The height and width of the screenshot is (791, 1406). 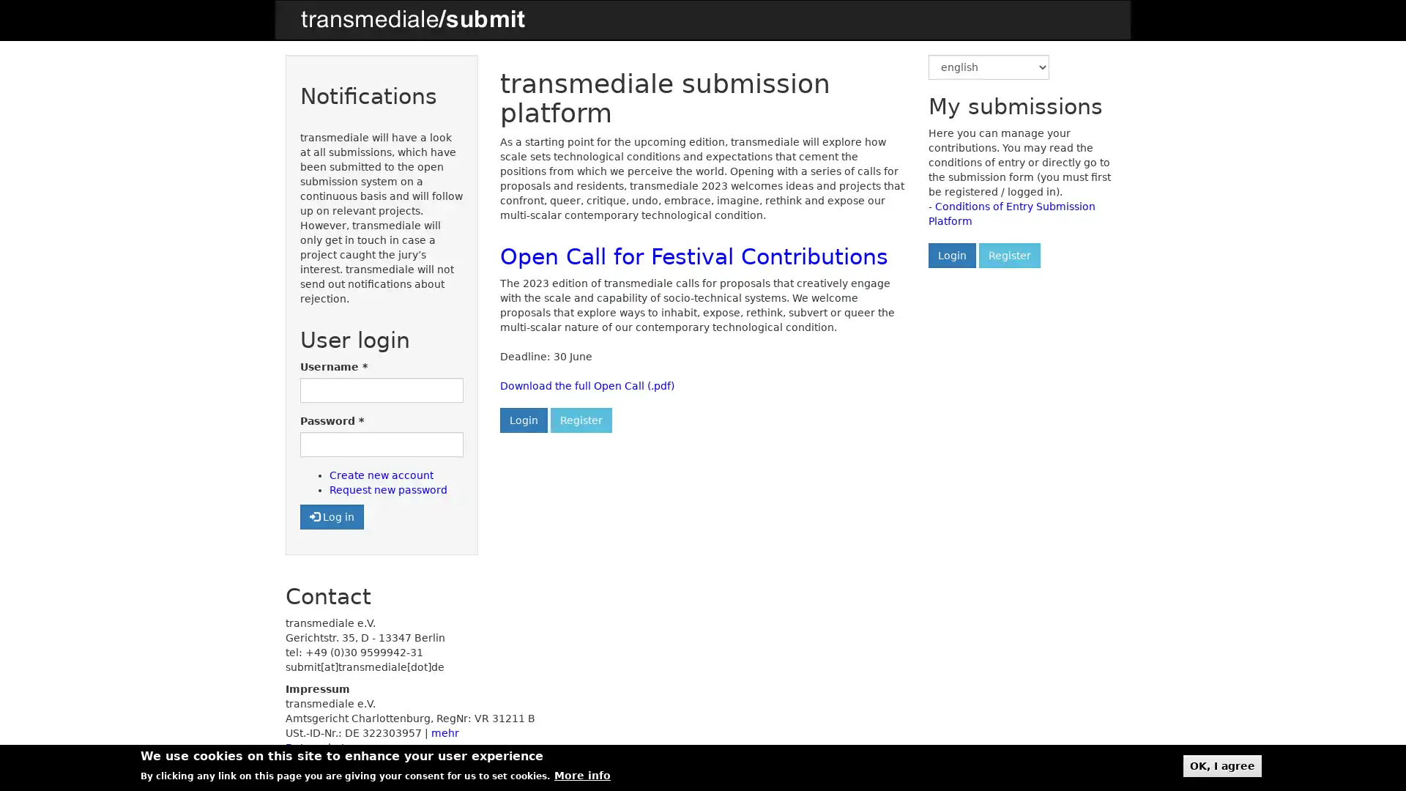 What do you see at coordinates (1008, 254) in the screenshot?
I see `Register` at bounding box center [1008, 254].